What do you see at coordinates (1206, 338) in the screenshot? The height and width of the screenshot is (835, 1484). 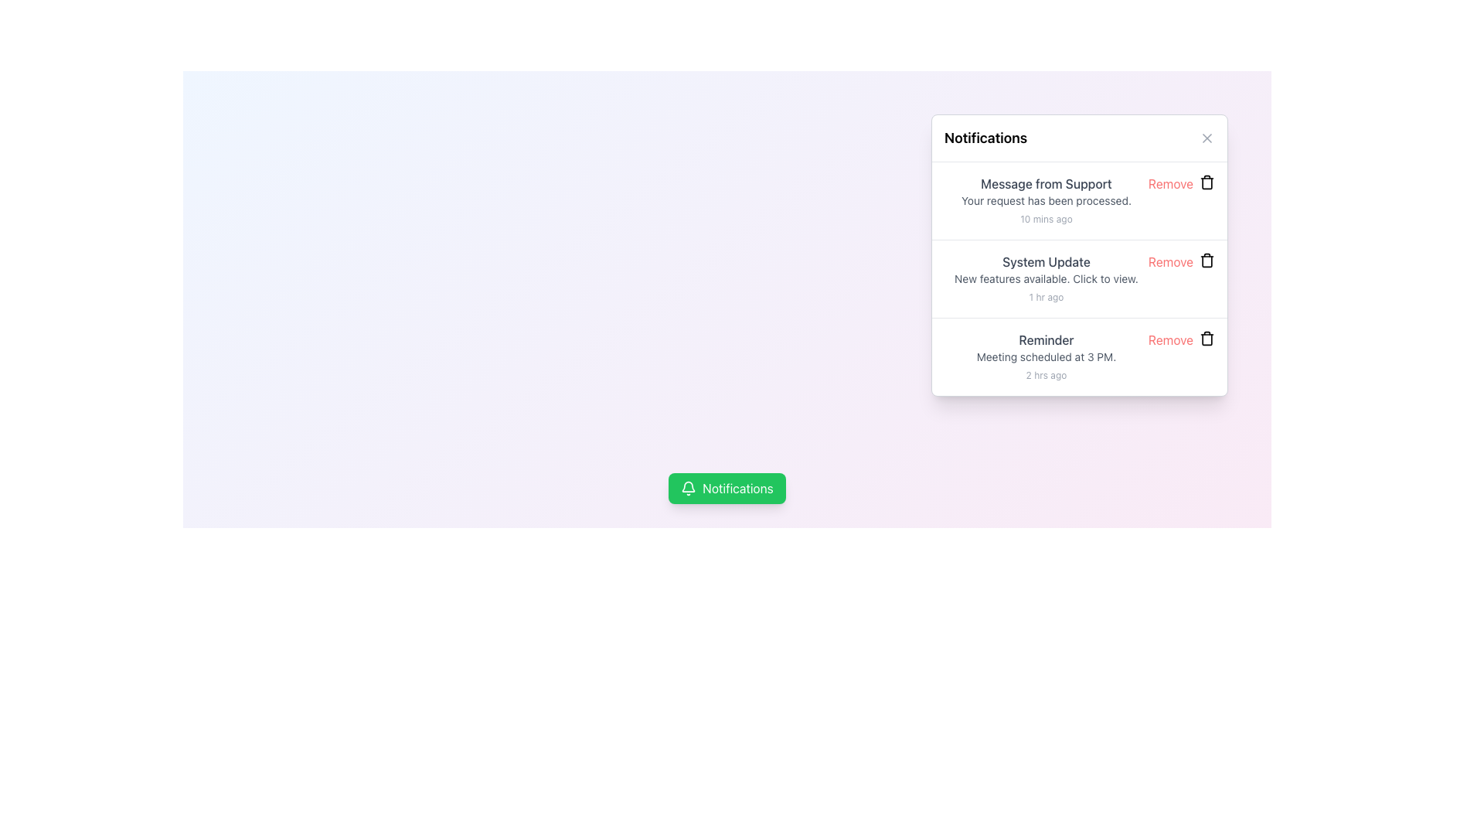 I see `the delete icon located at the rightmost side of the third notification item in the list, adjacent to the 'Remove' text` at bounding box center [1206, 338].